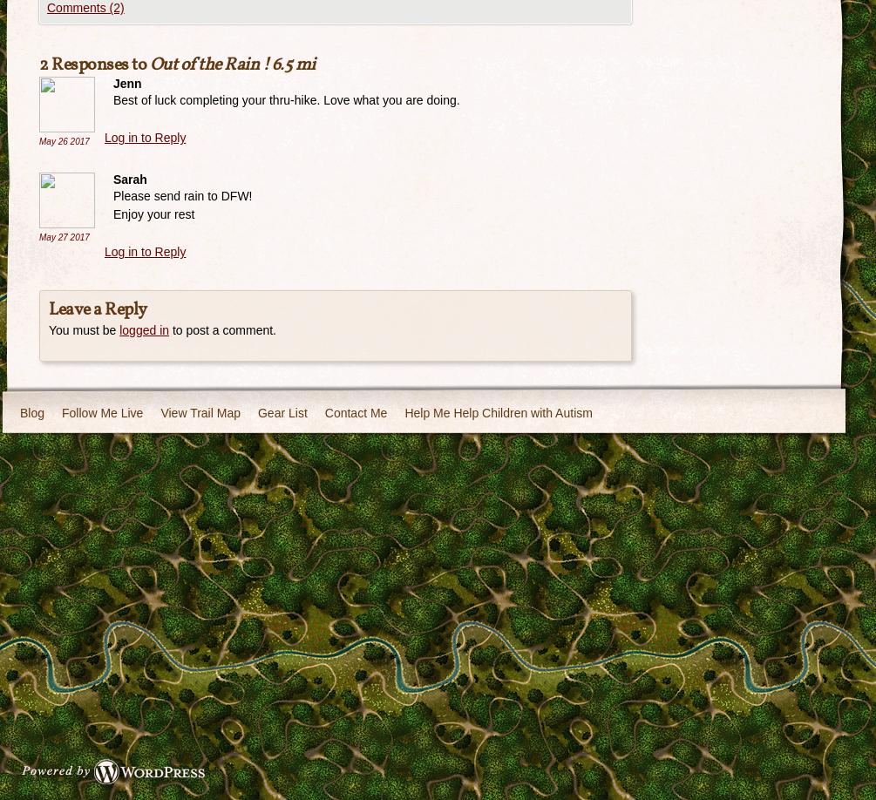  What do you see at coordinates (130, 178) in the screenshot?
I see `'Sarah'` at bounding box center [130, 178].